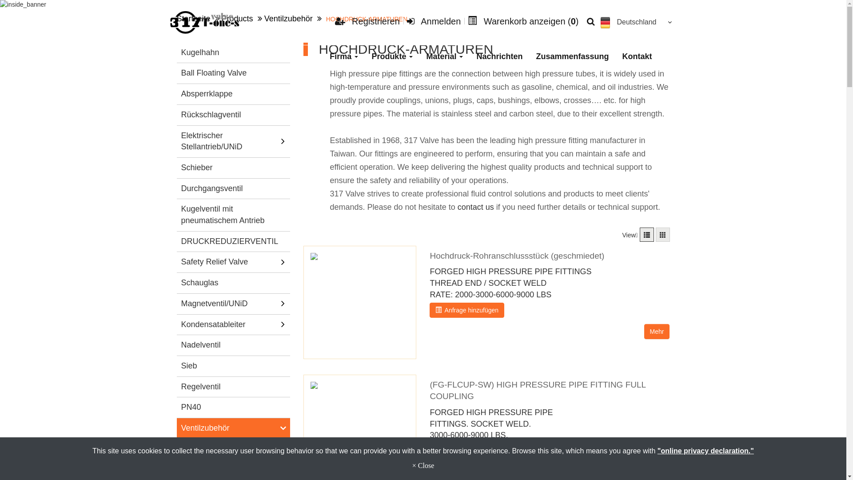 This screenshot has height=480, width=853. Describe the element at coordinates (391, 56) in the screenshot. I see `'Produkte'` at that location.